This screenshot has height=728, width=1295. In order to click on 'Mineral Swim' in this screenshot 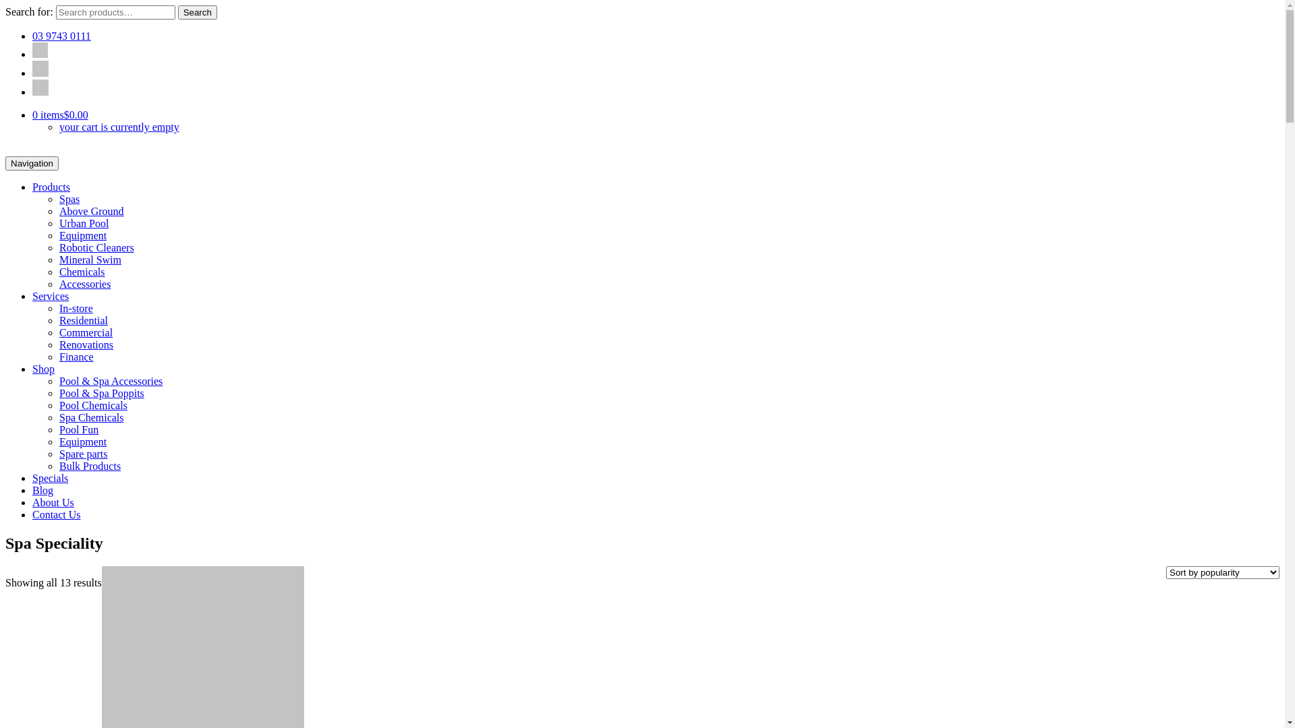, I will do `click(90, 260)`.